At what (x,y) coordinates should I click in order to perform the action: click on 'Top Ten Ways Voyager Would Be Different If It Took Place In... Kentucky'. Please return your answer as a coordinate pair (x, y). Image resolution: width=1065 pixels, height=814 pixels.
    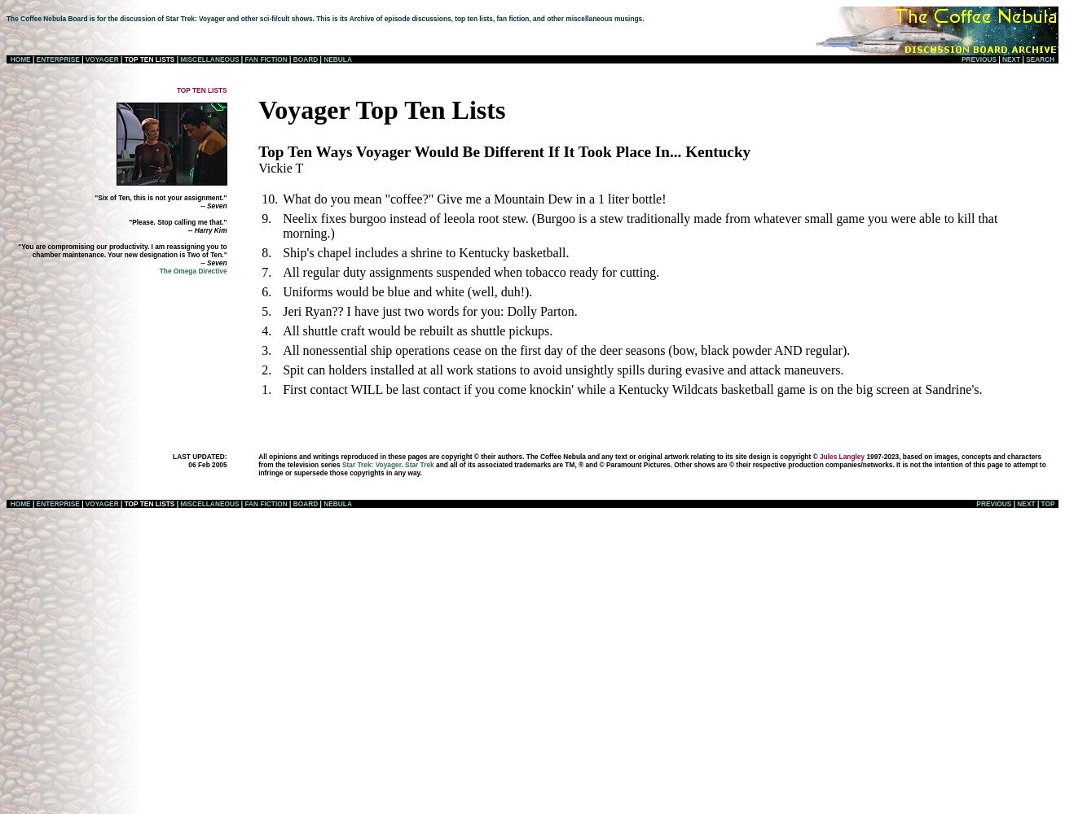
    Looking at the image, I should click on (504, 151).